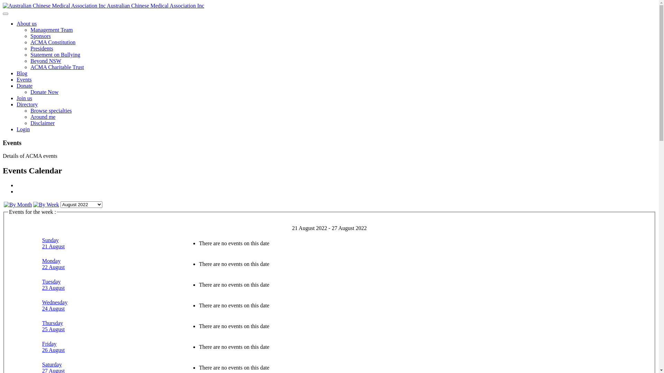 This screenshot has height=373, width=664. I want to click on 'Monday, so click(41, 264).